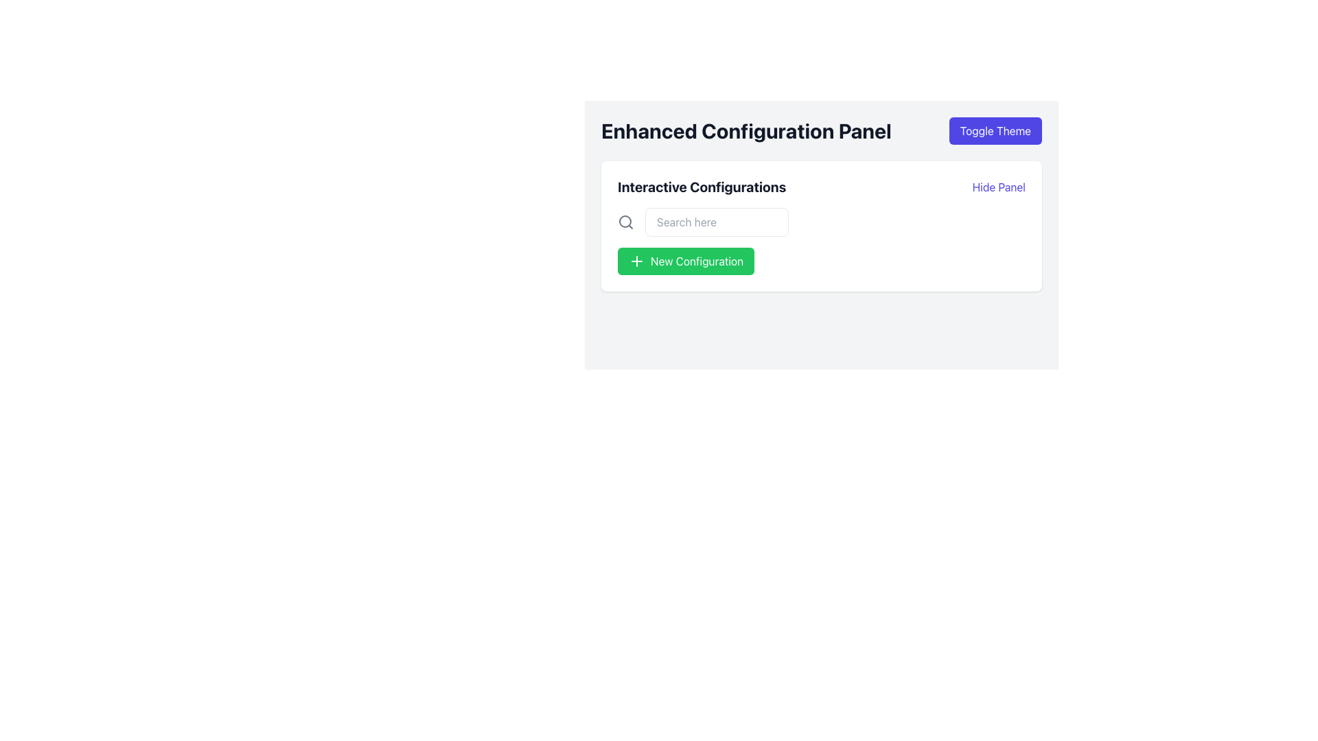 The height and width of the screenshot is (741, 1318). What do you see at coordinates (686, 261) in the screenshot?
I see `the green rectangular button labeled 'New Configuration' with a white plus sign` at bounding box center [686, 261].